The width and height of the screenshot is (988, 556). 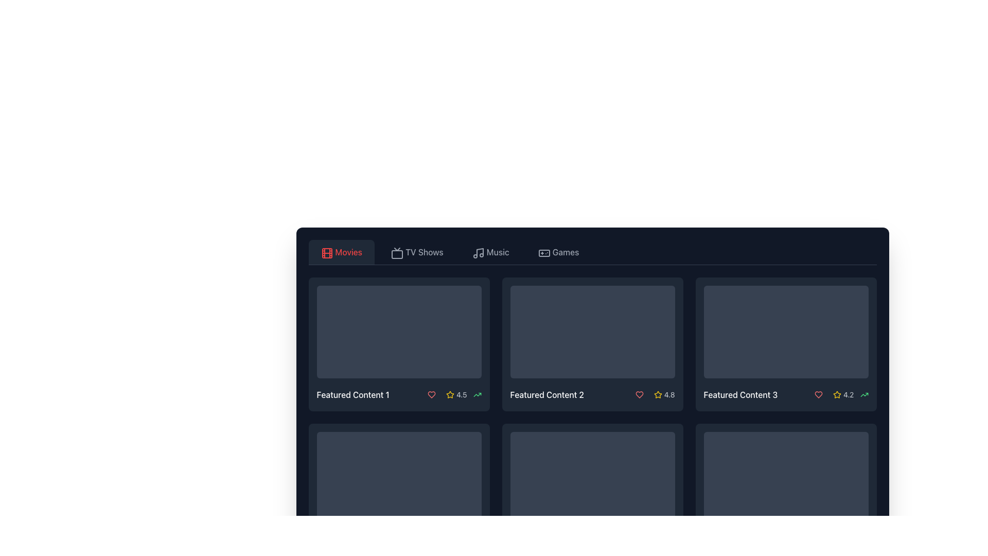 I want to click on the horizontal rounded rectangle within the game controller graphic, which has a dark background color and is centrally situated as part of the main body, so click(x=543, y=253).